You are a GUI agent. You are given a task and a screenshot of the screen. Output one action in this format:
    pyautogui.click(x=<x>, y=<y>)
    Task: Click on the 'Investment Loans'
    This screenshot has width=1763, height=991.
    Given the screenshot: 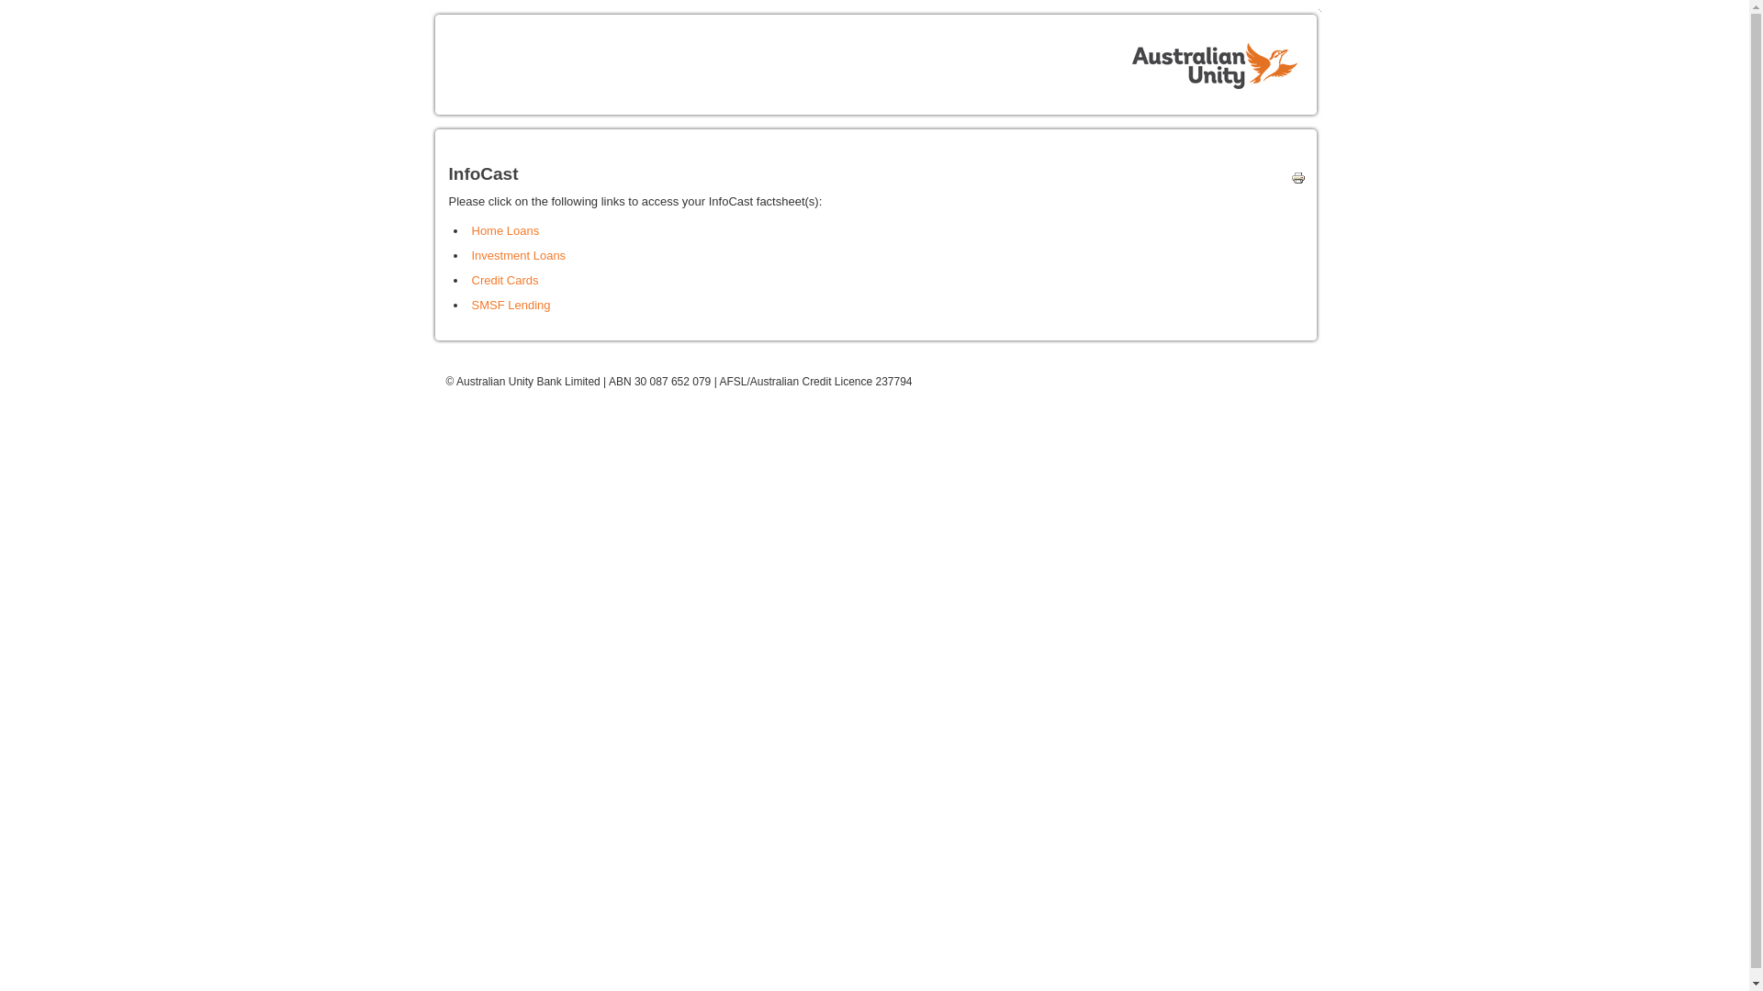 What is the action you would take?
    pyautogui.click(x=518, y=255)
    